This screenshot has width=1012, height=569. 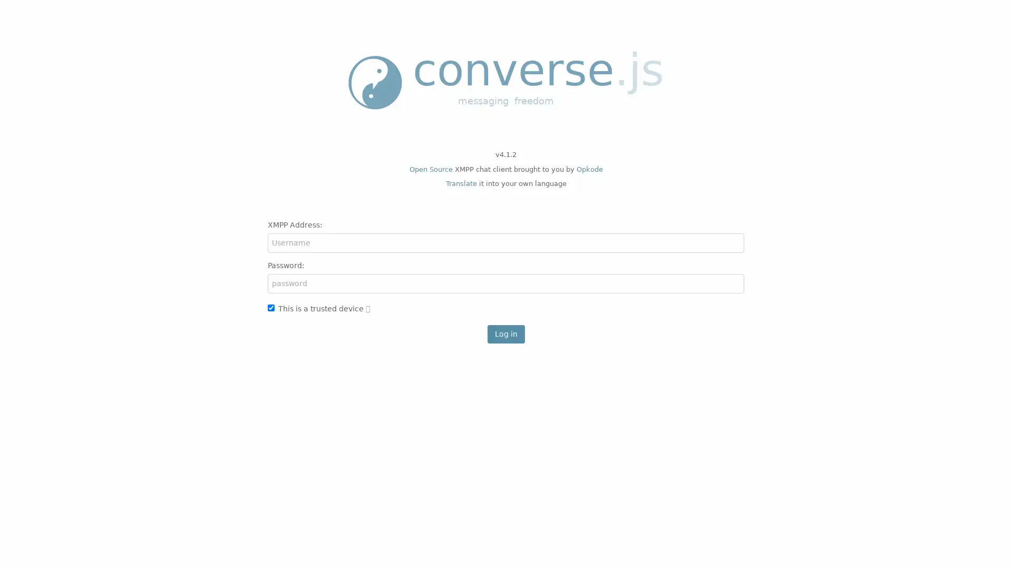 What do you see at coordinates (505, 333) in the screenshot?
I see `Log in` at bounding box center [505, 333].